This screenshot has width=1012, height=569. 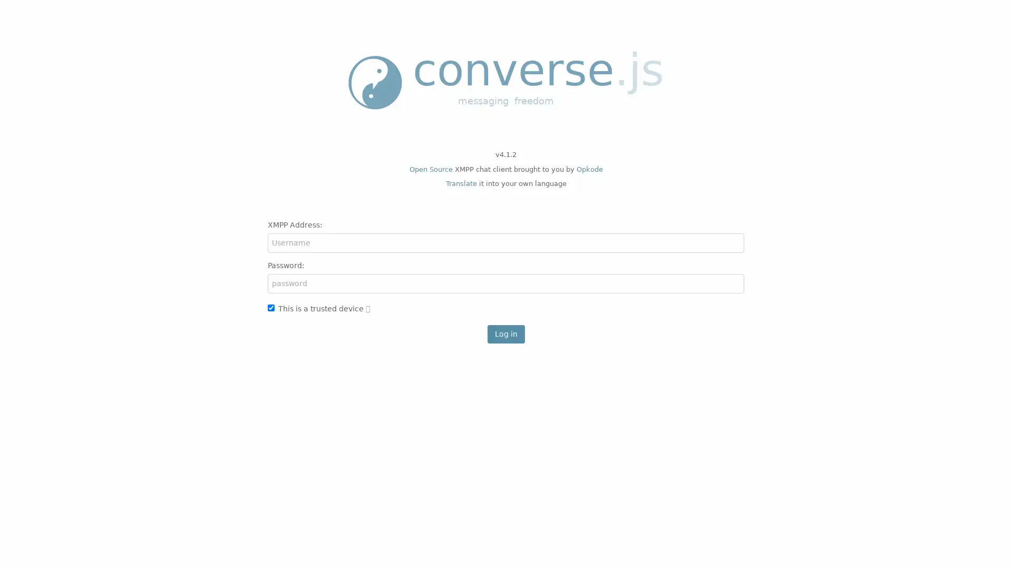 What do you see at coordinates (505, 333) in the screenshot?
I see `Log in` at bounding box center [505, 333].